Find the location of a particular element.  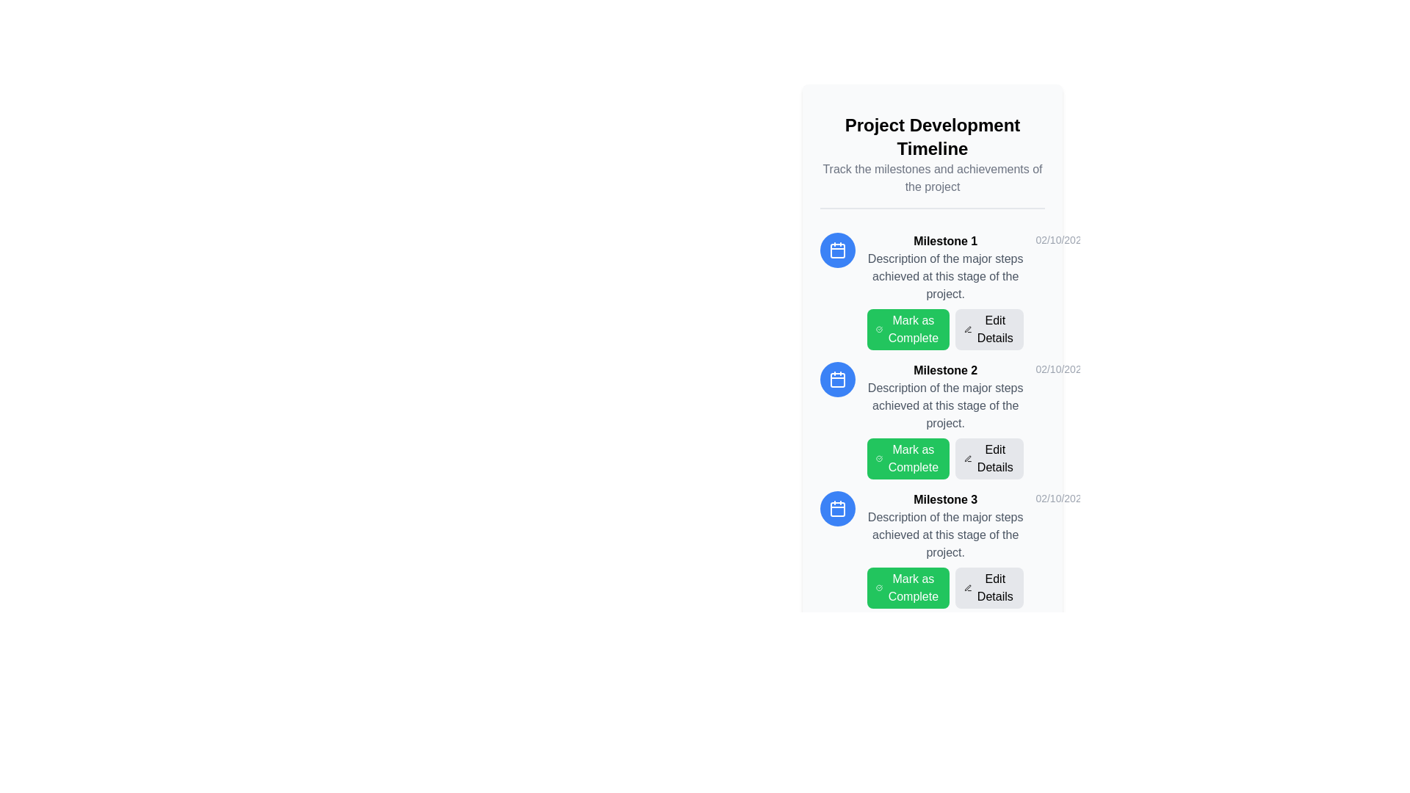

the green 'Mark as Complete' button with rounded corners, which is located below the header 'Milestone 3' to mark the milestone as complete is located at coordinates (908, 587).